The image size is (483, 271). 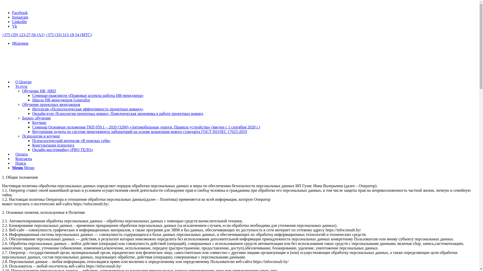 What do you see at coordinates (20, 17) in the screenshot?
I see `'Instagram'` at bounding box center [20, 17].